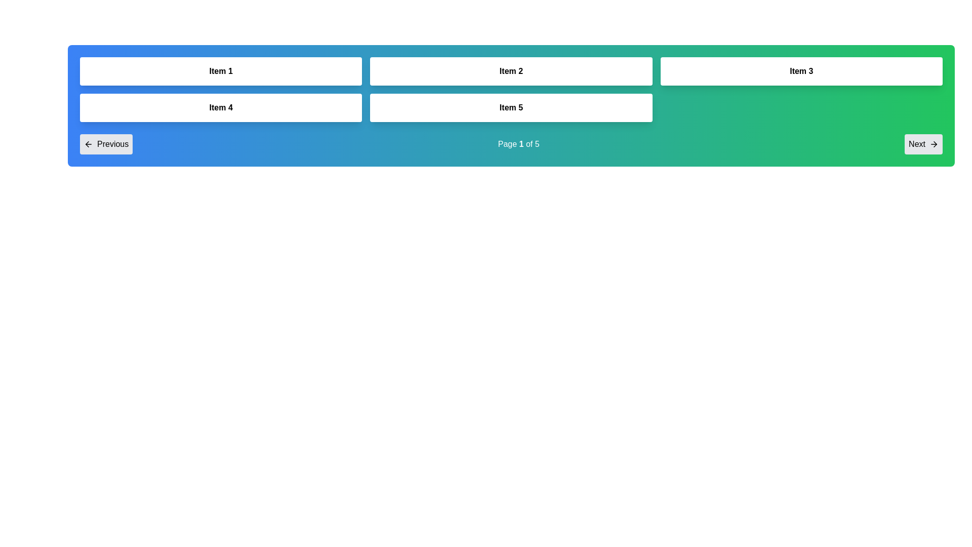 The width and height of the screenshot is (972, 547). Describe the element at coordinates (801, 71) in the screenshot. I see `the button representing 'Item 3' located at the top-right position of the first row in a grid layout` at that location.